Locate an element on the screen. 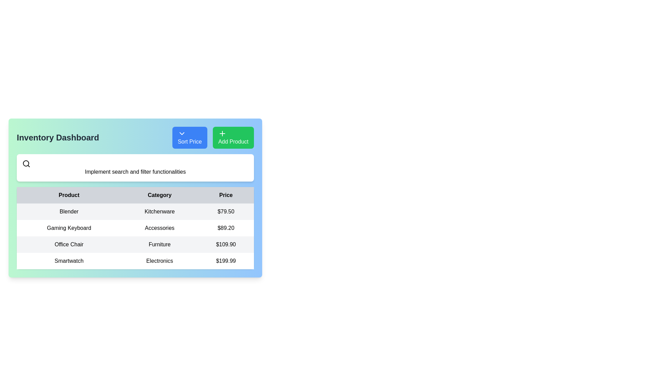 The width and height of the screenshot is (658, 370). bold black text label 'Product' located in the header row of a table, which is the first column label preceding 'Category' and 'Price' is located at coordinates (69, 195).